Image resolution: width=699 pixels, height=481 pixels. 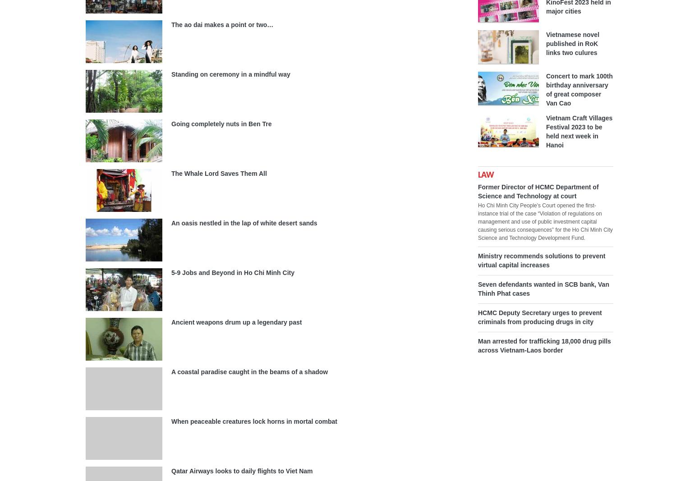 What do you see at coordinates (254, 421) in the screenshot?
I see `'When peaceable creatures lock horns in mortal combat'` at bounding box center [254, 421].